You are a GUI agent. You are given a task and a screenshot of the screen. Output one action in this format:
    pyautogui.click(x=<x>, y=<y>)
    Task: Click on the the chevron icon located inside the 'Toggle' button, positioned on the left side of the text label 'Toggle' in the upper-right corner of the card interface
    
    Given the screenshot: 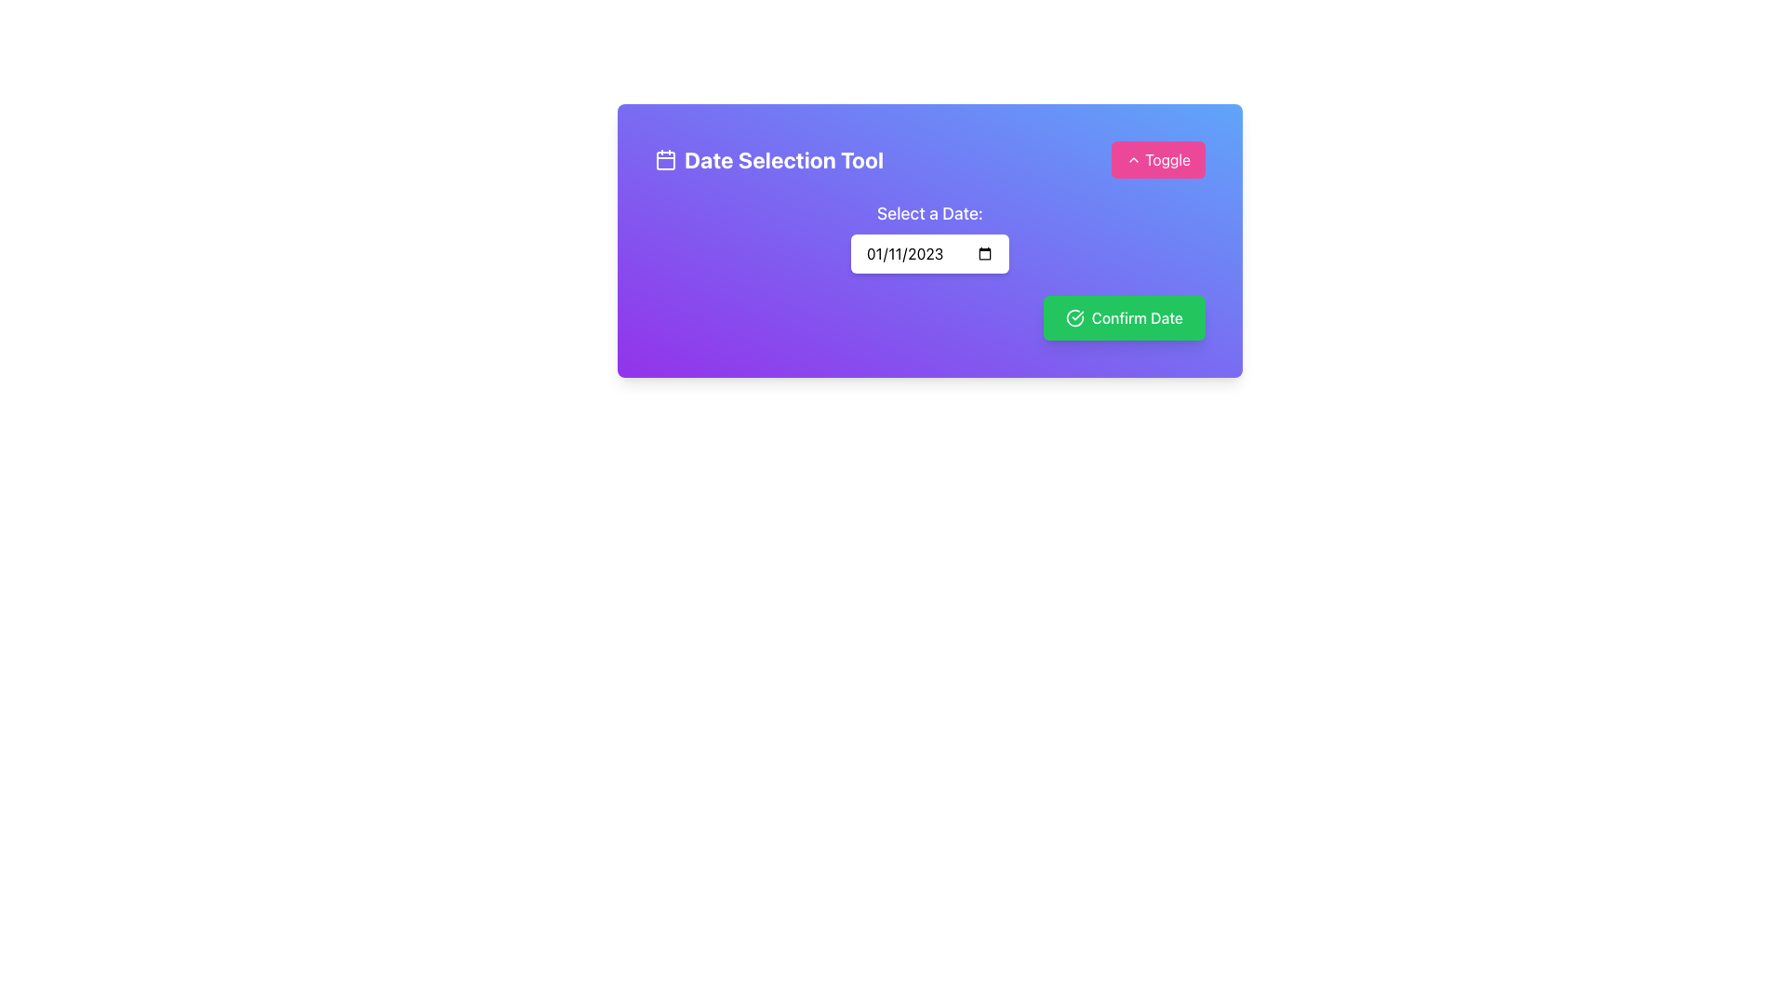 What is the action you would take?
    pyautogui.click(x=1133, y=159)
    